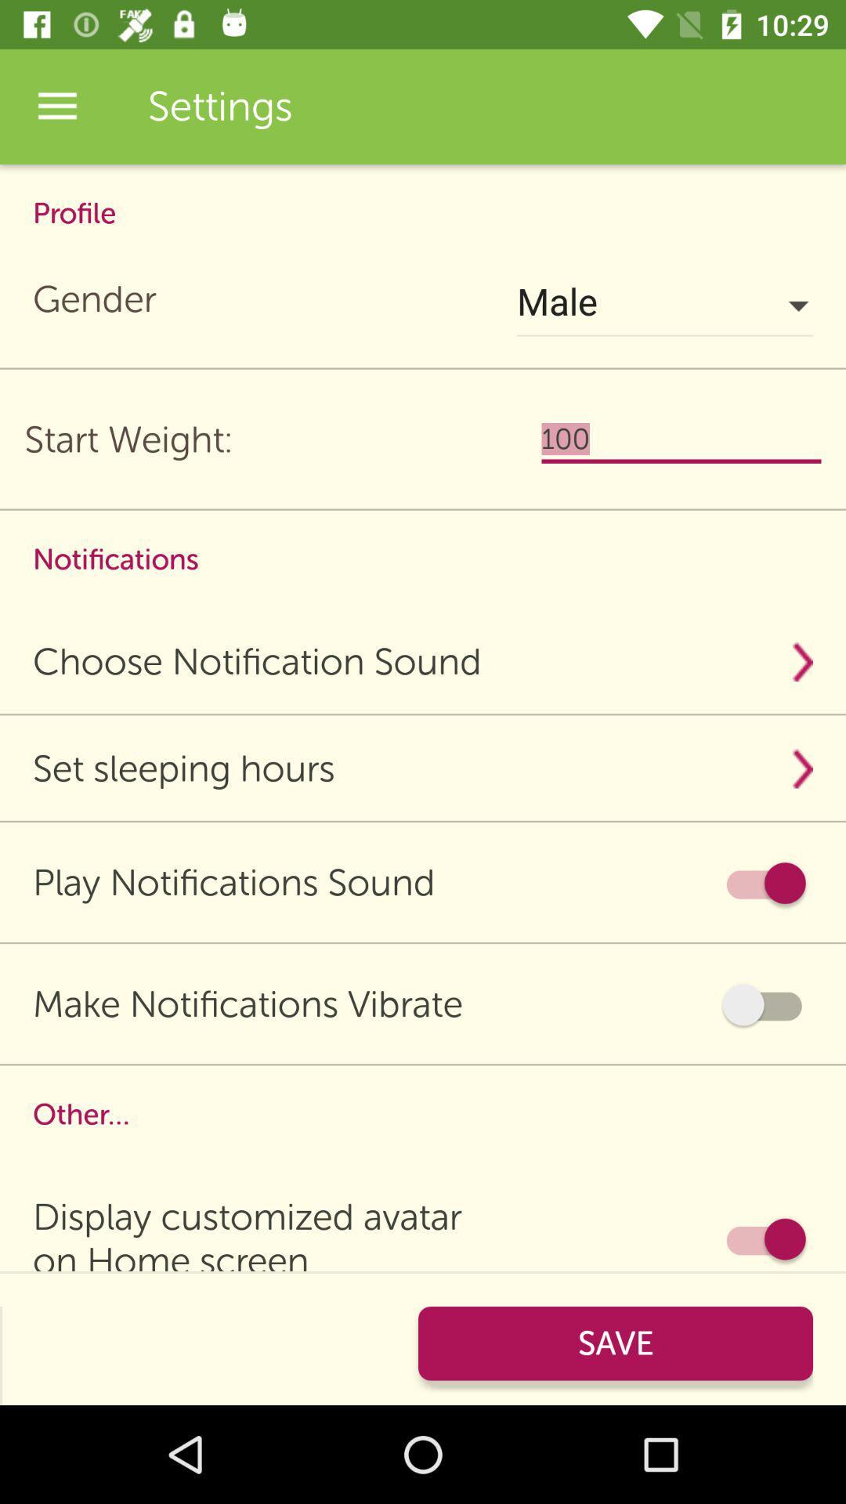  I want to click on the 100 item, so click(681, 439).